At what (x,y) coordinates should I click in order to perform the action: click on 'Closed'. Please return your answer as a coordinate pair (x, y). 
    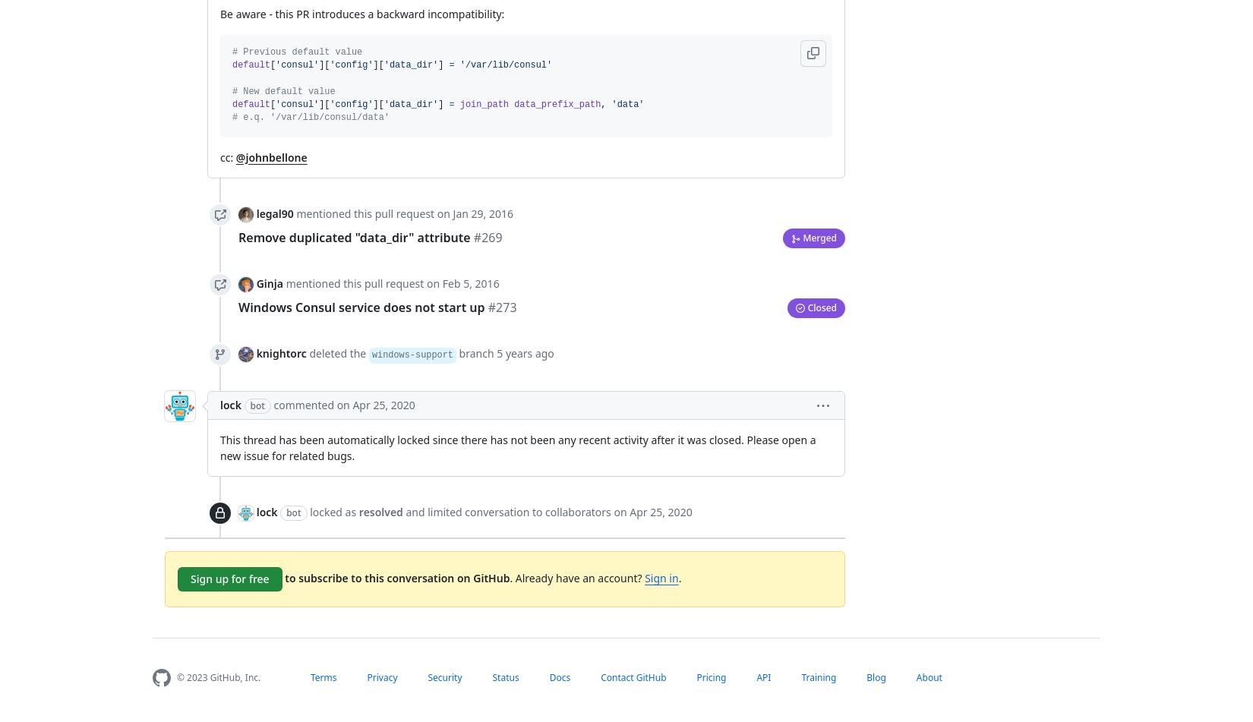
    Looking at the image, I should click on (822, 307).